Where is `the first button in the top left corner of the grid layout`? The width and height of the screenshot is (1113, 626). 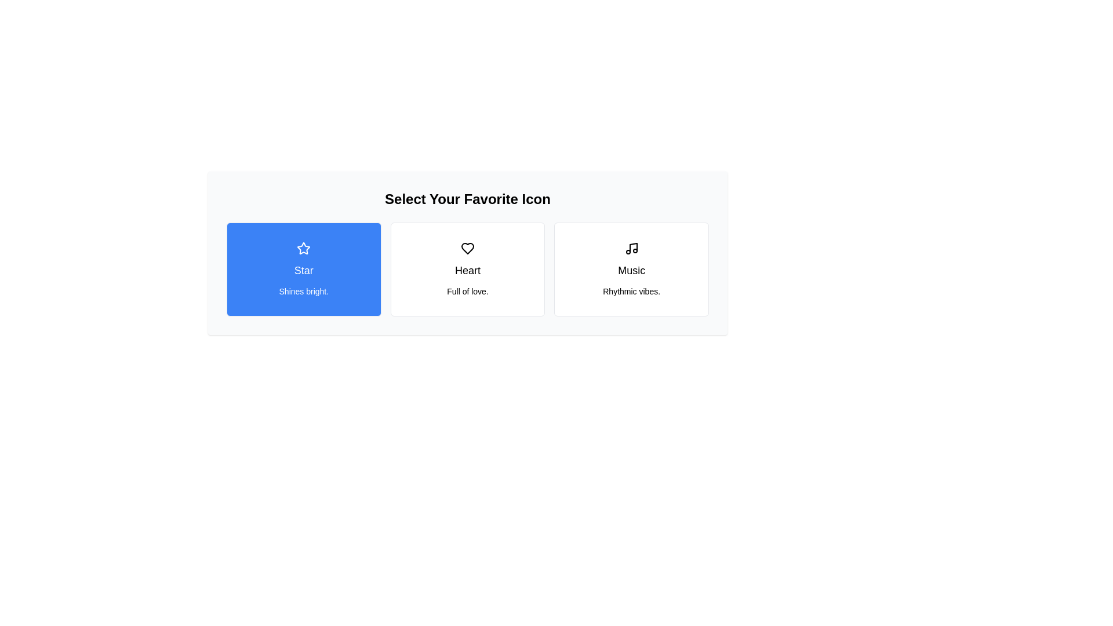
the first button in the top left corner of the grid layout is located at coordinates (304, 270).